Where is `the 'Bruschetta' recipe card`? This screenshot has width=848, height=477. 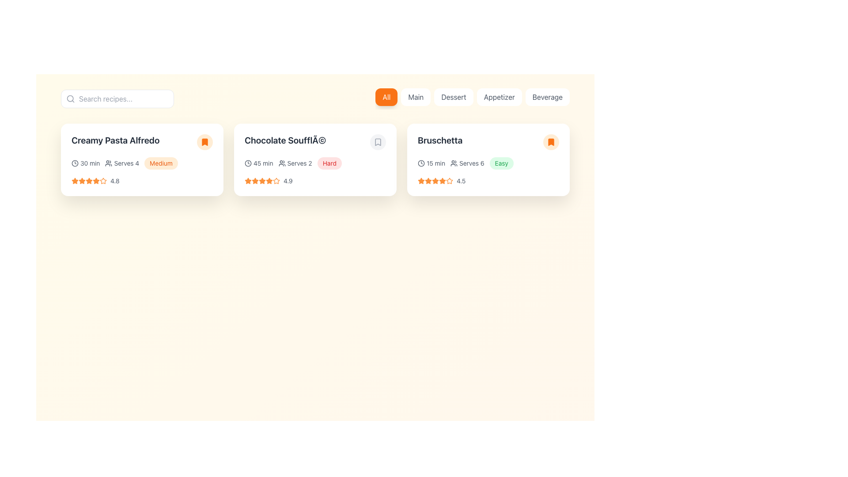
the 'Bruschetta' recipe card is located at coordinates (488, 160).